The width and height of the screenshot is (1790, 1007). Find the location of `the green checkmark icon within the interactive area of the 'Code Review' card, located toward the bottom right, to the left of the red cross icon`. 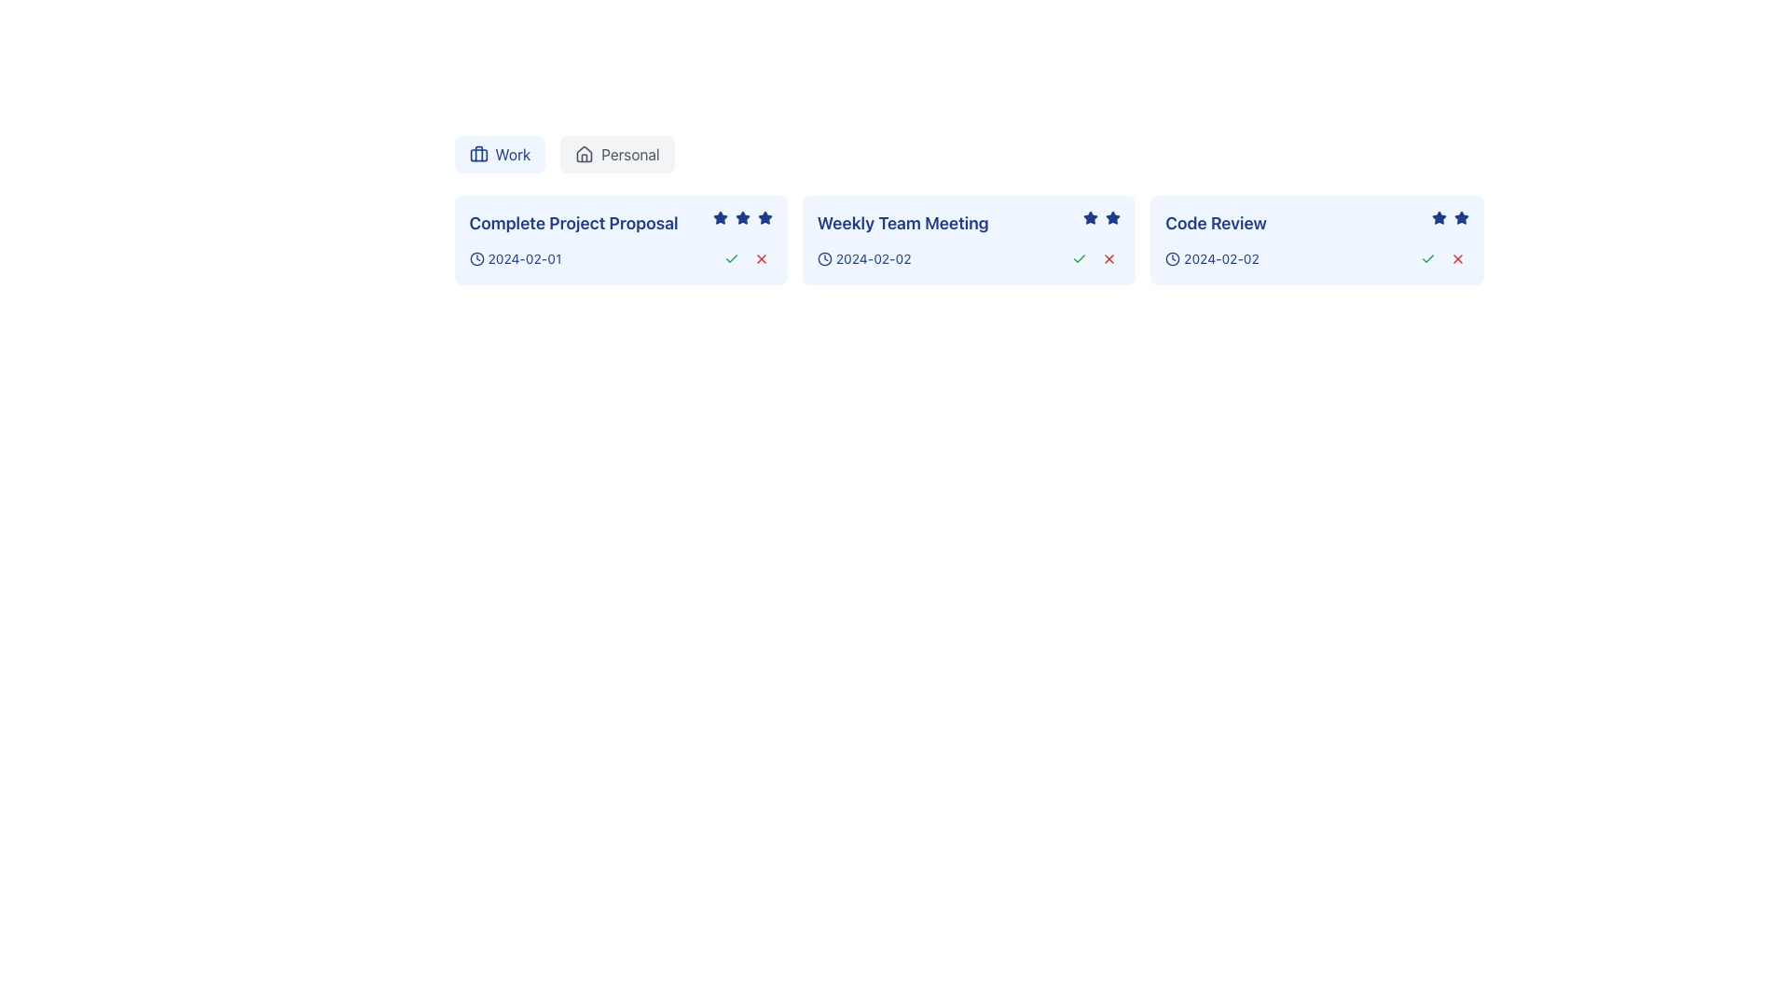

the green checkmark icon within the interactive area of the 'Code Review' card, located toward the bottom right, to the left of the red cross icon is located at coordinates (1426, 258).